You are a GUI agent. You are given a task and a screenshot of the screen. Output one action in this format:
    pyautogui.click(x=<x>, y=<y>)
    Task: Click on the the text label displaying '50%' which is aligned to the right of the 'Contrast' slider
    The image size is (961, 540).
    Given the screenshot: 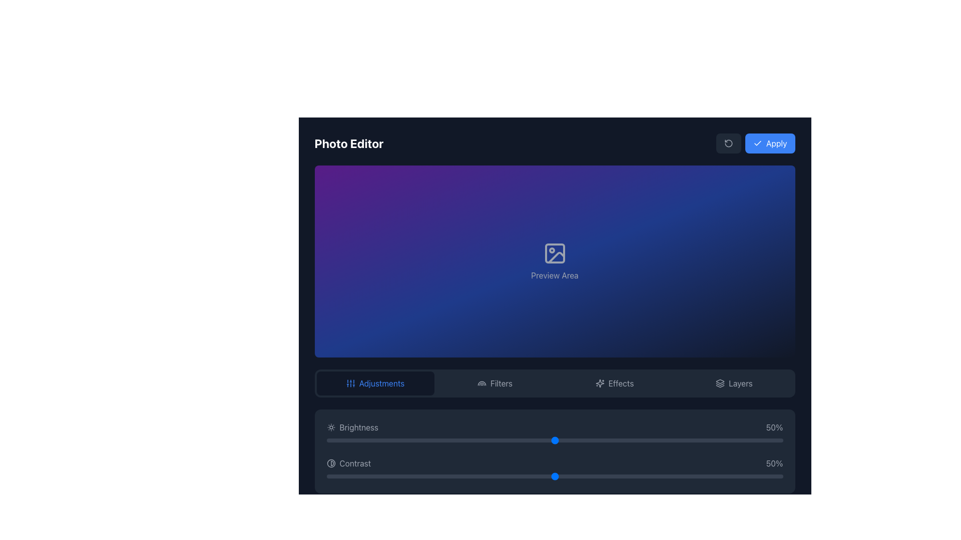 What is the action you would take?
    pyautogui.click(x=774, y=463)
    